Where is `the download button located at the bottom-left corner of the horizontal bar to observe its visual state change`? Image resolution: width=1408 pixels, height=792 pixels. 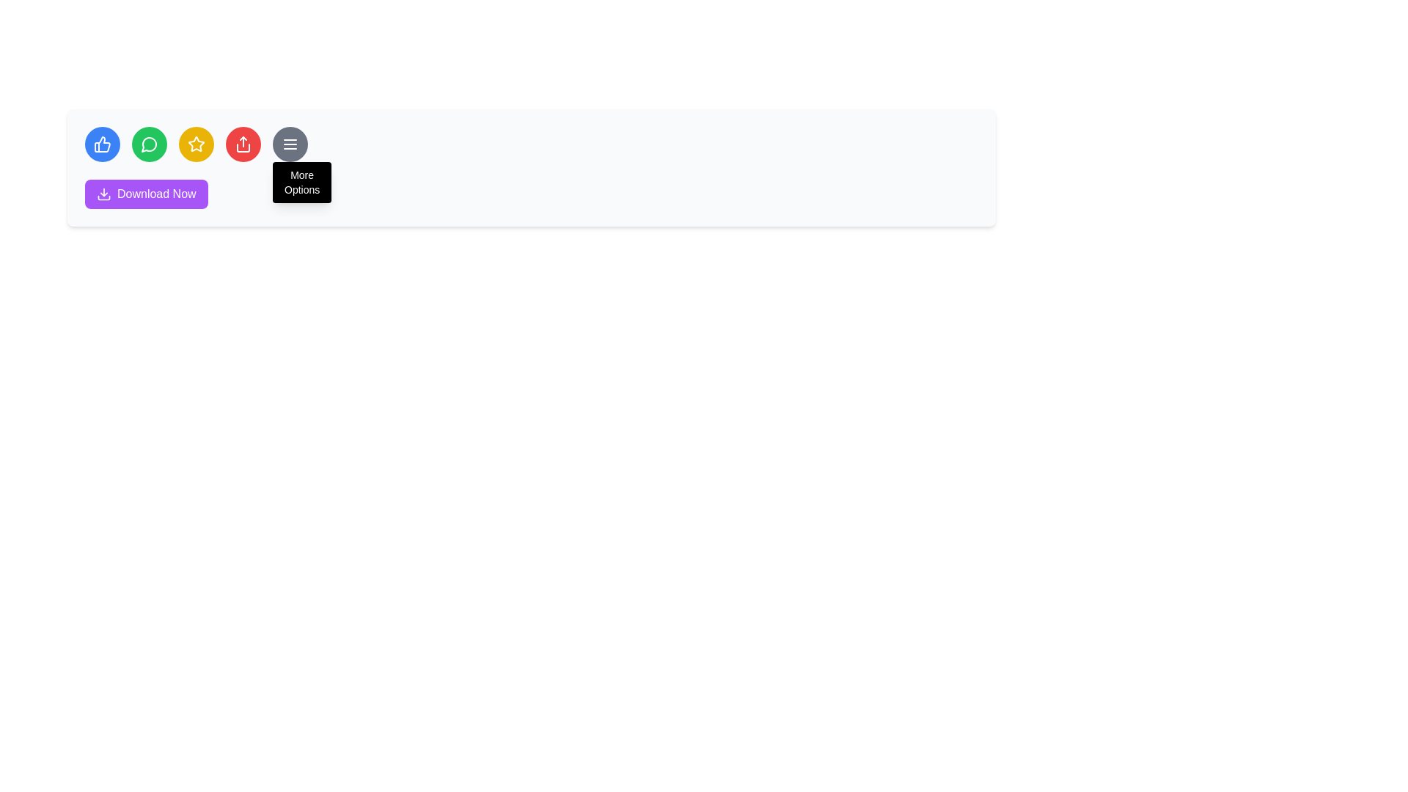 the download button located at the bottom-left corner of the horizontal bar to observe its visual state change is located at coordinates (146, 194).